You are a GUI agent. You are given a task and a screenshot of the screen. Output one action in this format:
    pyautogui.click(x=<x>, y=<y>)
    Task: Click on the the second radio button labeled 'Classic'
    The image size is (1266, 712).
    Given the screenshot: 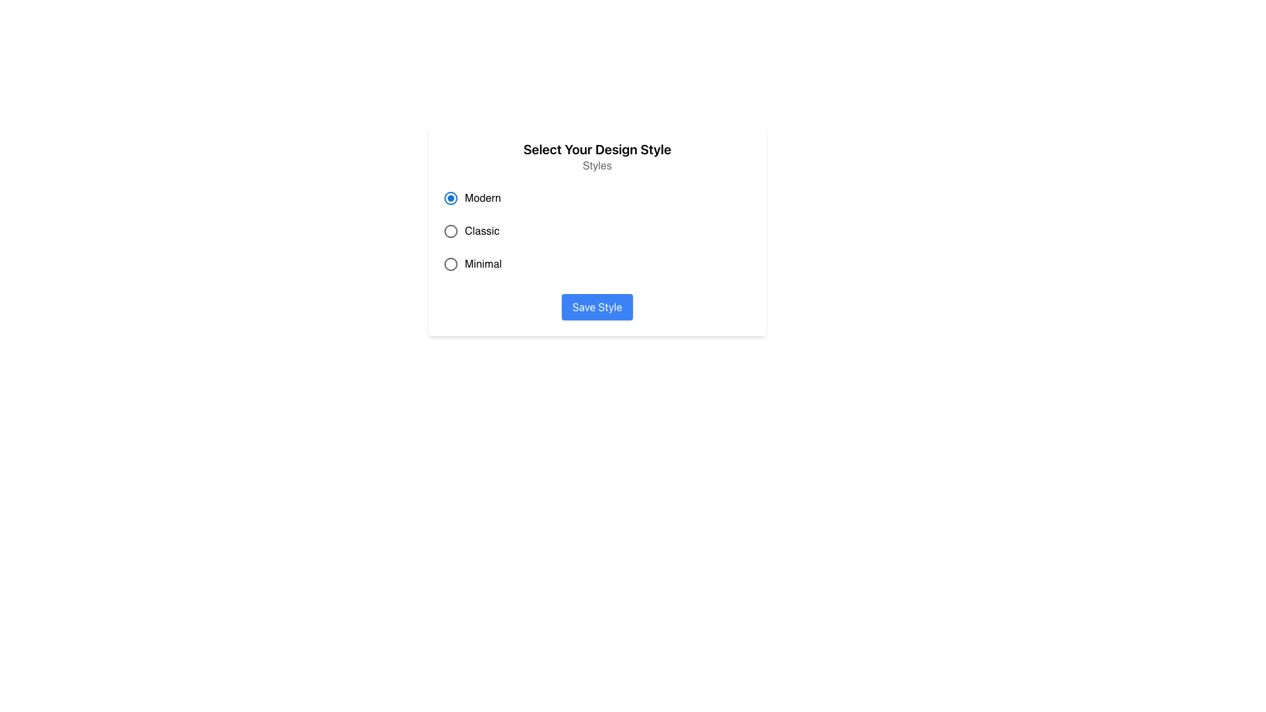 What is the action you would take?
    pyautogui.click(x=451, y=231)
    